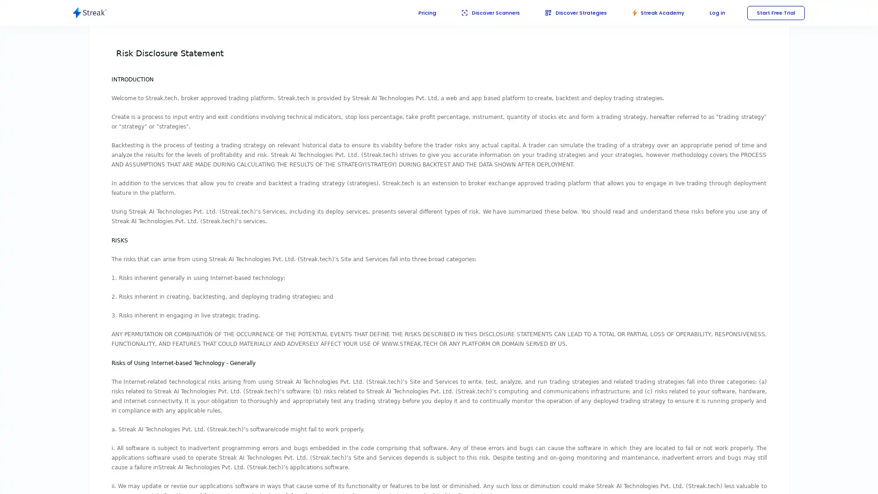 The height and width of the screenshot is (494, 878). What do you see at coordinates (479, 12) in the screenshot?
I see `Discover Scanners` at bounding box center [479, 12].